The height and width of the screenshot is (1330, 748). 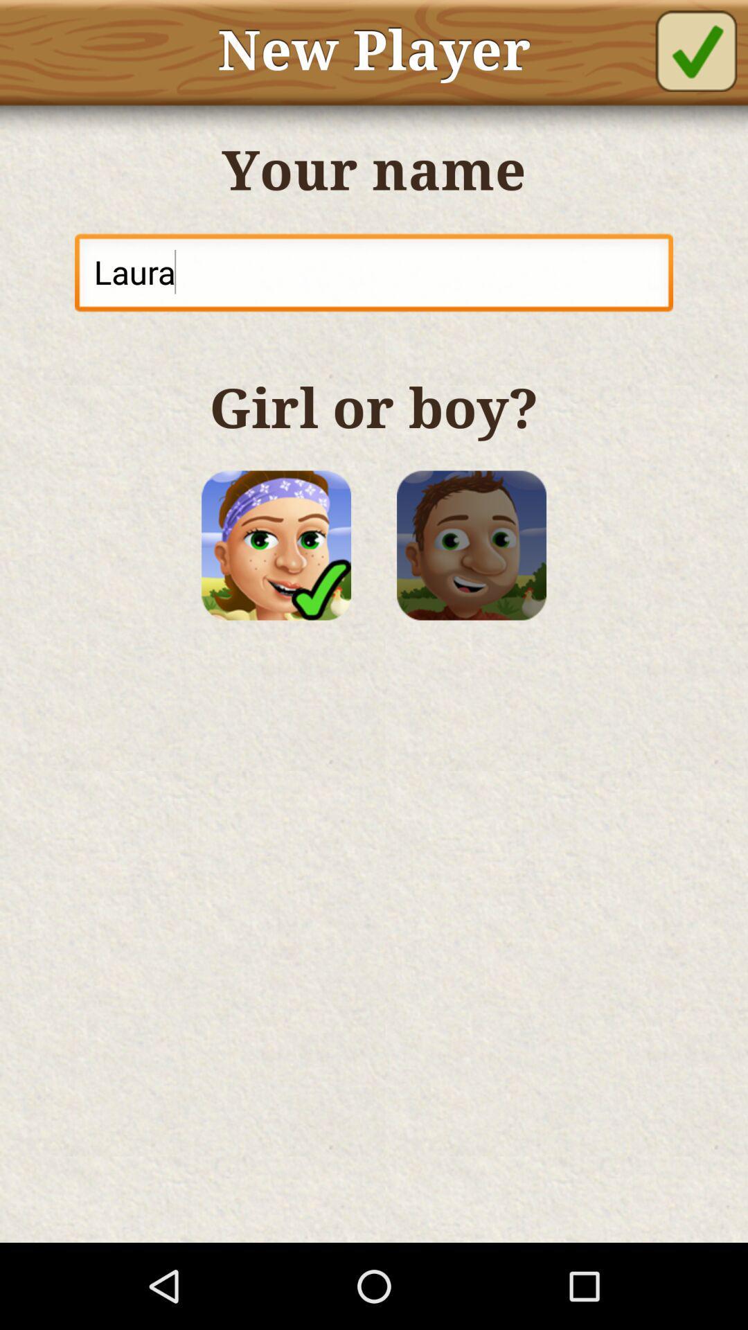 What do you see at coordinates (696, 51) in the screenshot?
I see `new player on` at bounding box center [696, 51].